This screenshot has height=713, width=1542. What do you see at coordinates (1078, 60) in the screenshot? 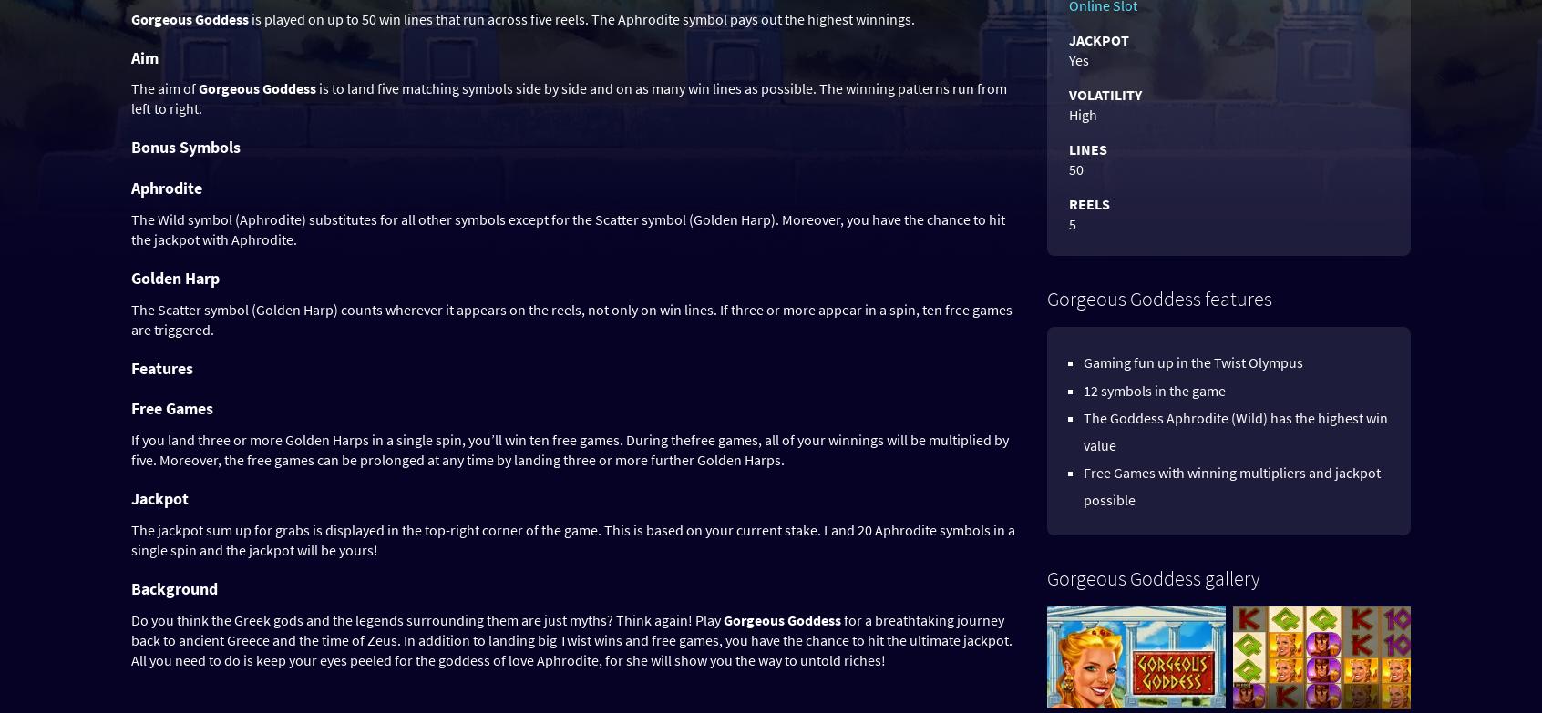
I see `'Yes'` at bounding box center [1078, 60].